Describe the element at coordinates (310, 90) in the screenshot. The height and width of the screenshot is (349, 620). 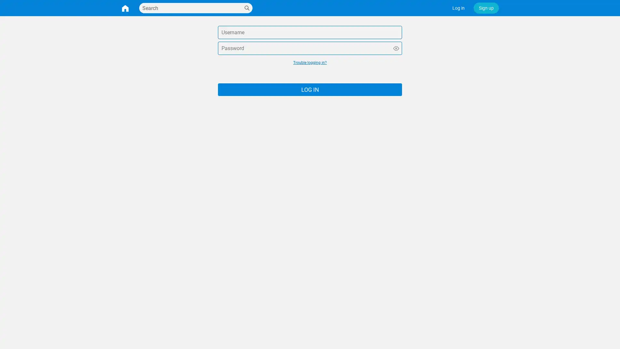
I see `LOG IN` at that location.